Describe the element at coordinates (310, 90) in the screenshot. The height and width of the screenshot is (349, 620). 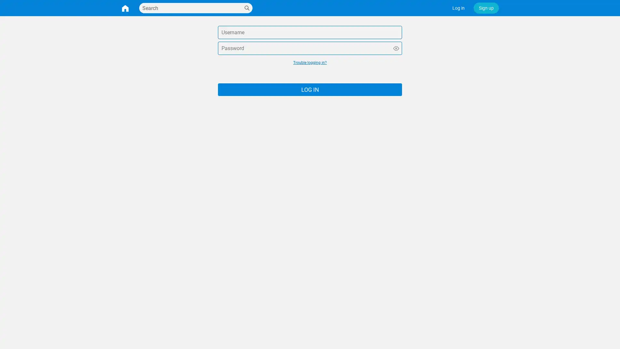
I see `LOG IN` at that location.